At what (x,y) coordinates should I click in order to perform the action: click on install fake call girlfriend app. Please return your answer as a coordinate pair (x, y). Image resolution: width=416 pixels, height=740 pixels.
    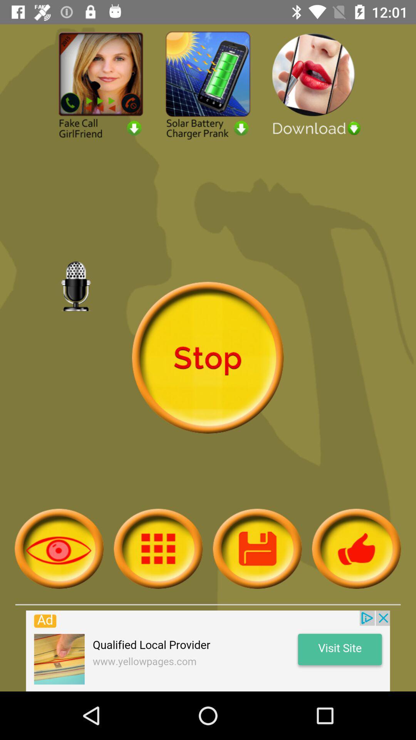
    Looking at the image, I should click on (101, 84).